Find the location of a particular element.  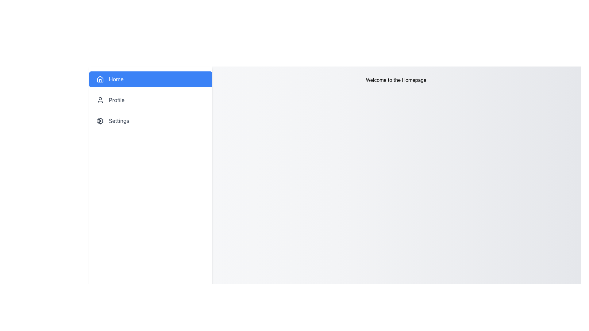

the house roof icon located in the upper section of the left sidebar, immediately to the left of the 'Home' label is located at coordinates (100, 79).